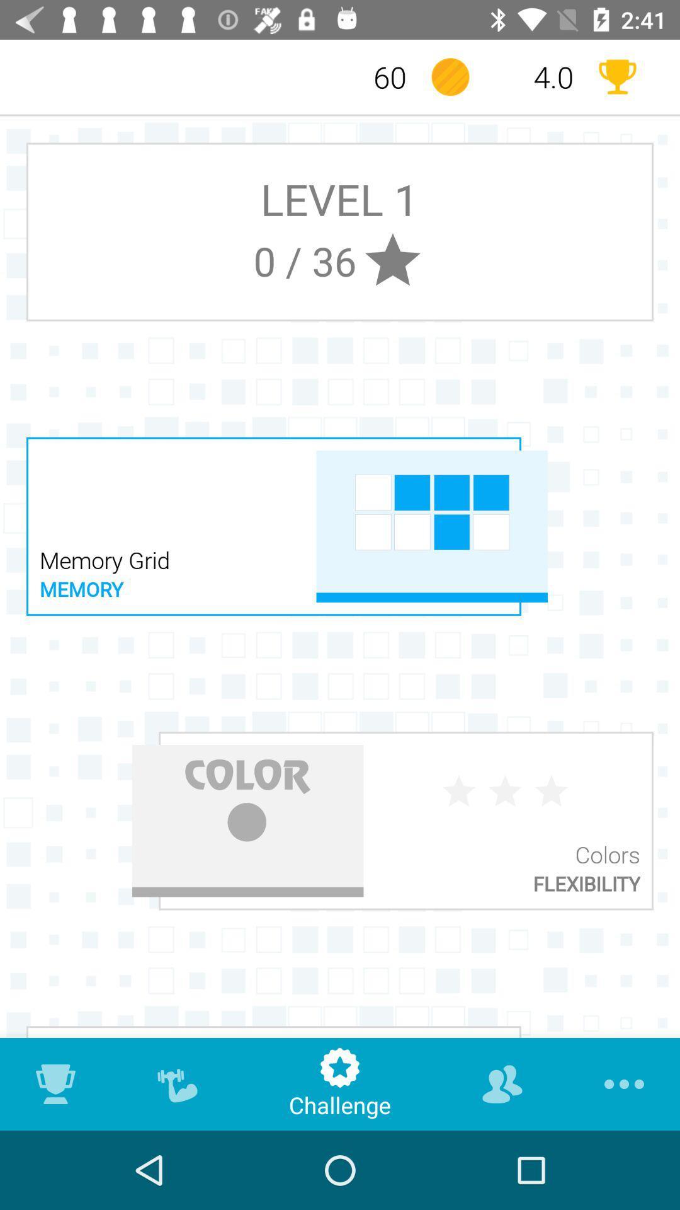 This screenshot has height=1210, width=680. What do you see at coordinates (340, 1062) in the screenshot?
I see `star icon which is above challenge on page` at bounding box center [340, 1062].